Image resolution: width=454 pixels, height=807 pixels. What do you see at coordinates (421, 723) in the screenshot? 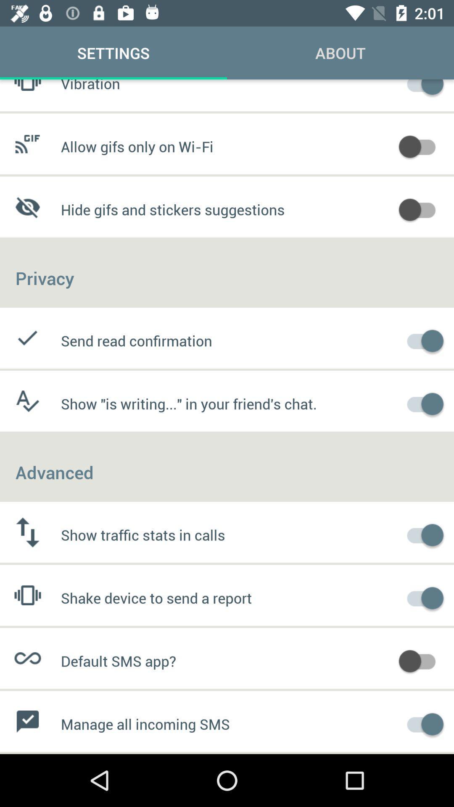
I see `for sms management` at bounding box center [421, 723].